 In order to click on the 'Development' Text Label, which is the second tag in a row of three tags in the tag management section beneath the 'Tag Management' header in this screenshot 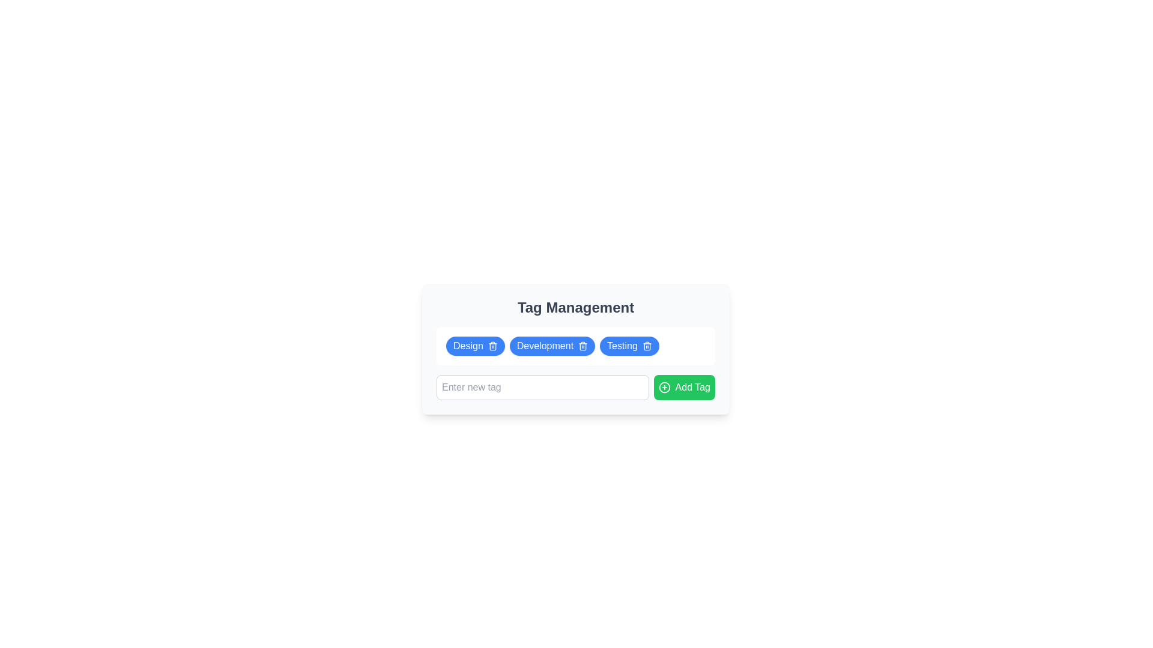, I will do `click(544, 346)`.